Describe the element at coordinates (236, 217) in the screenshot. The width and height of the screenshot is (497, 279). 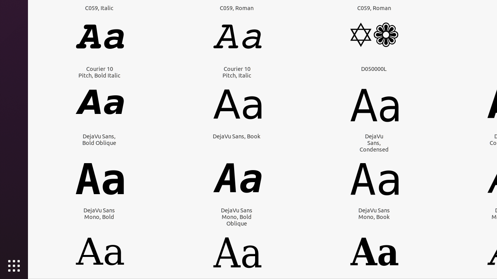
I see `'DejaVu Sans Mono, Bold Oblique'` at that location.